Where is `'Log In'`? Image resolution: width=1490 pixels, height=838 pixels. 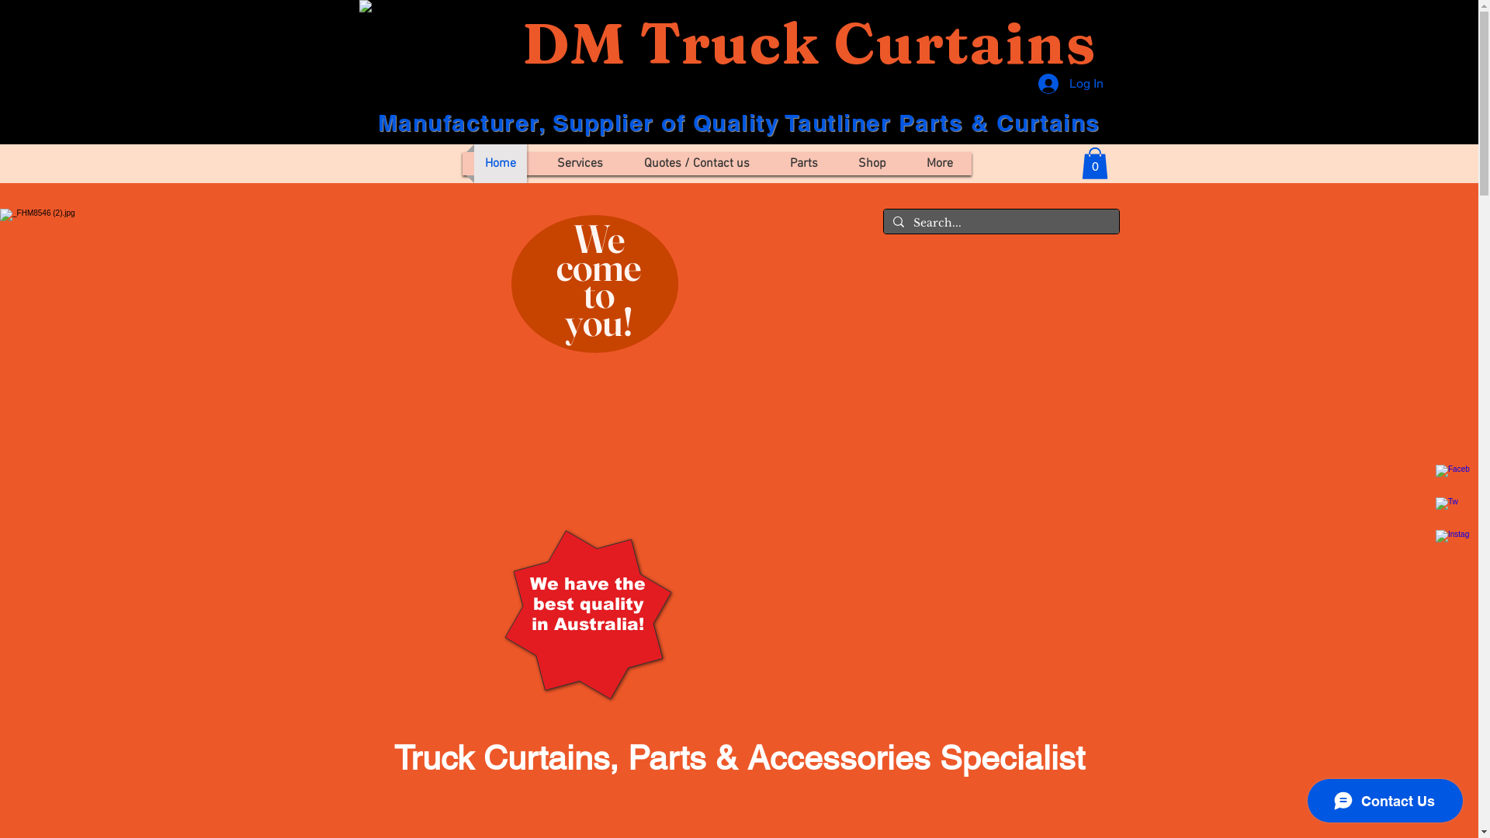 'Log In' is located at coordinates (1027, 84).